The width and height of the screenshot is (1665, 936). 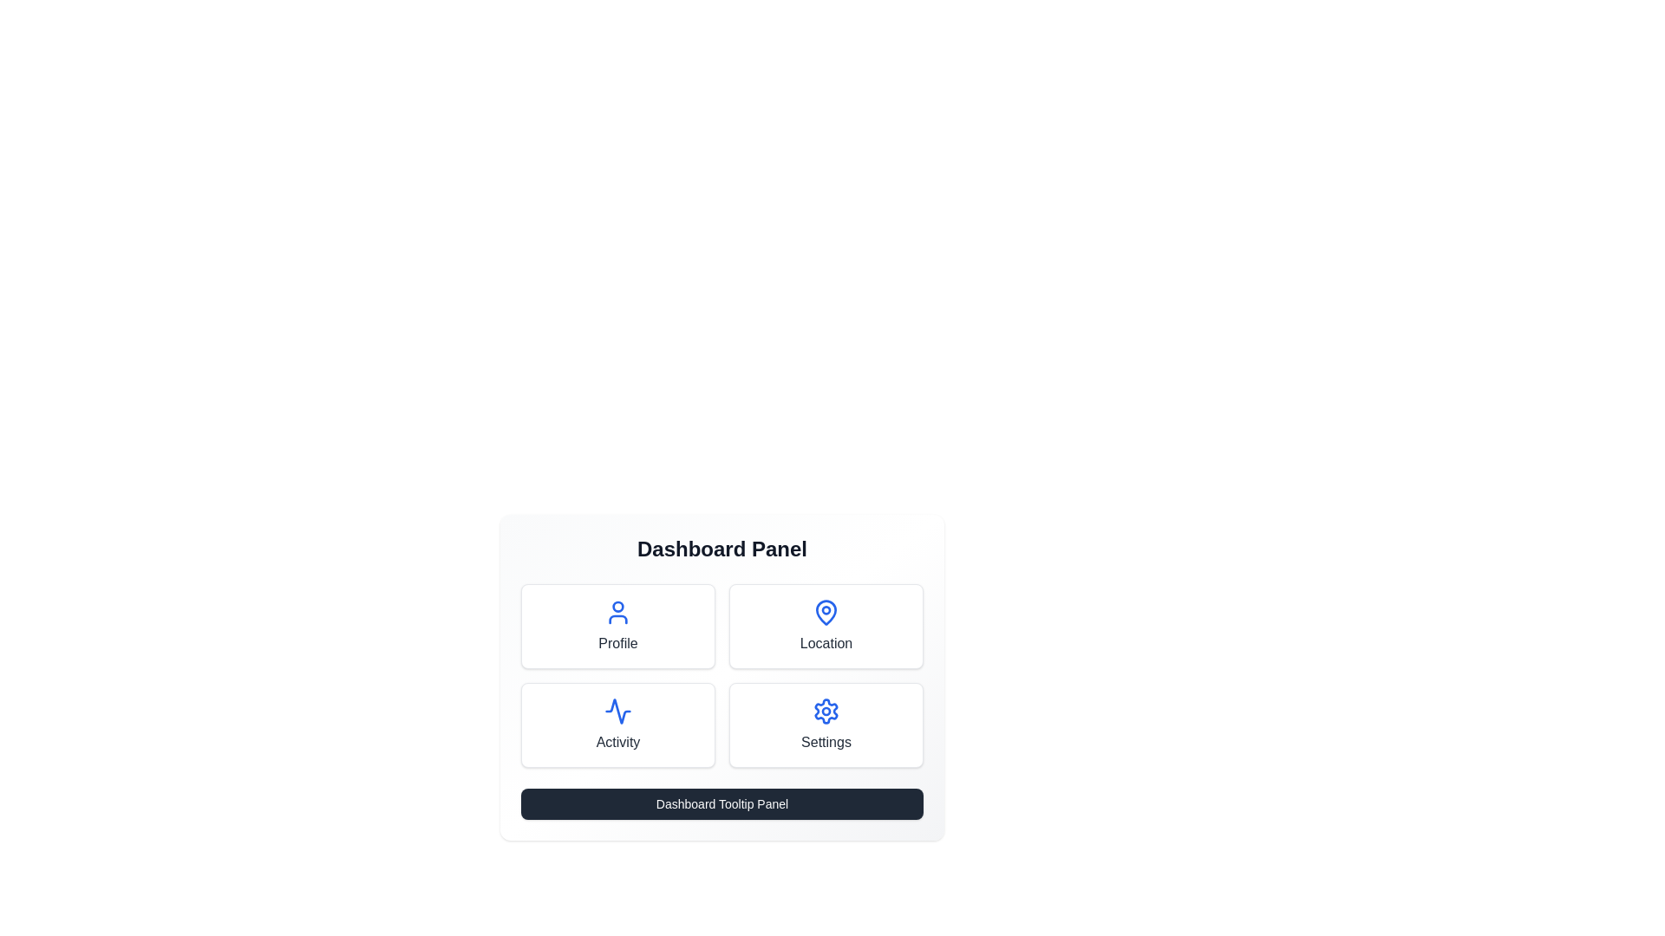 I want to click on the white square card with rounded corners that contains a blue gear icon and the word 'Settings' in black text, so click(x=826, y=725).